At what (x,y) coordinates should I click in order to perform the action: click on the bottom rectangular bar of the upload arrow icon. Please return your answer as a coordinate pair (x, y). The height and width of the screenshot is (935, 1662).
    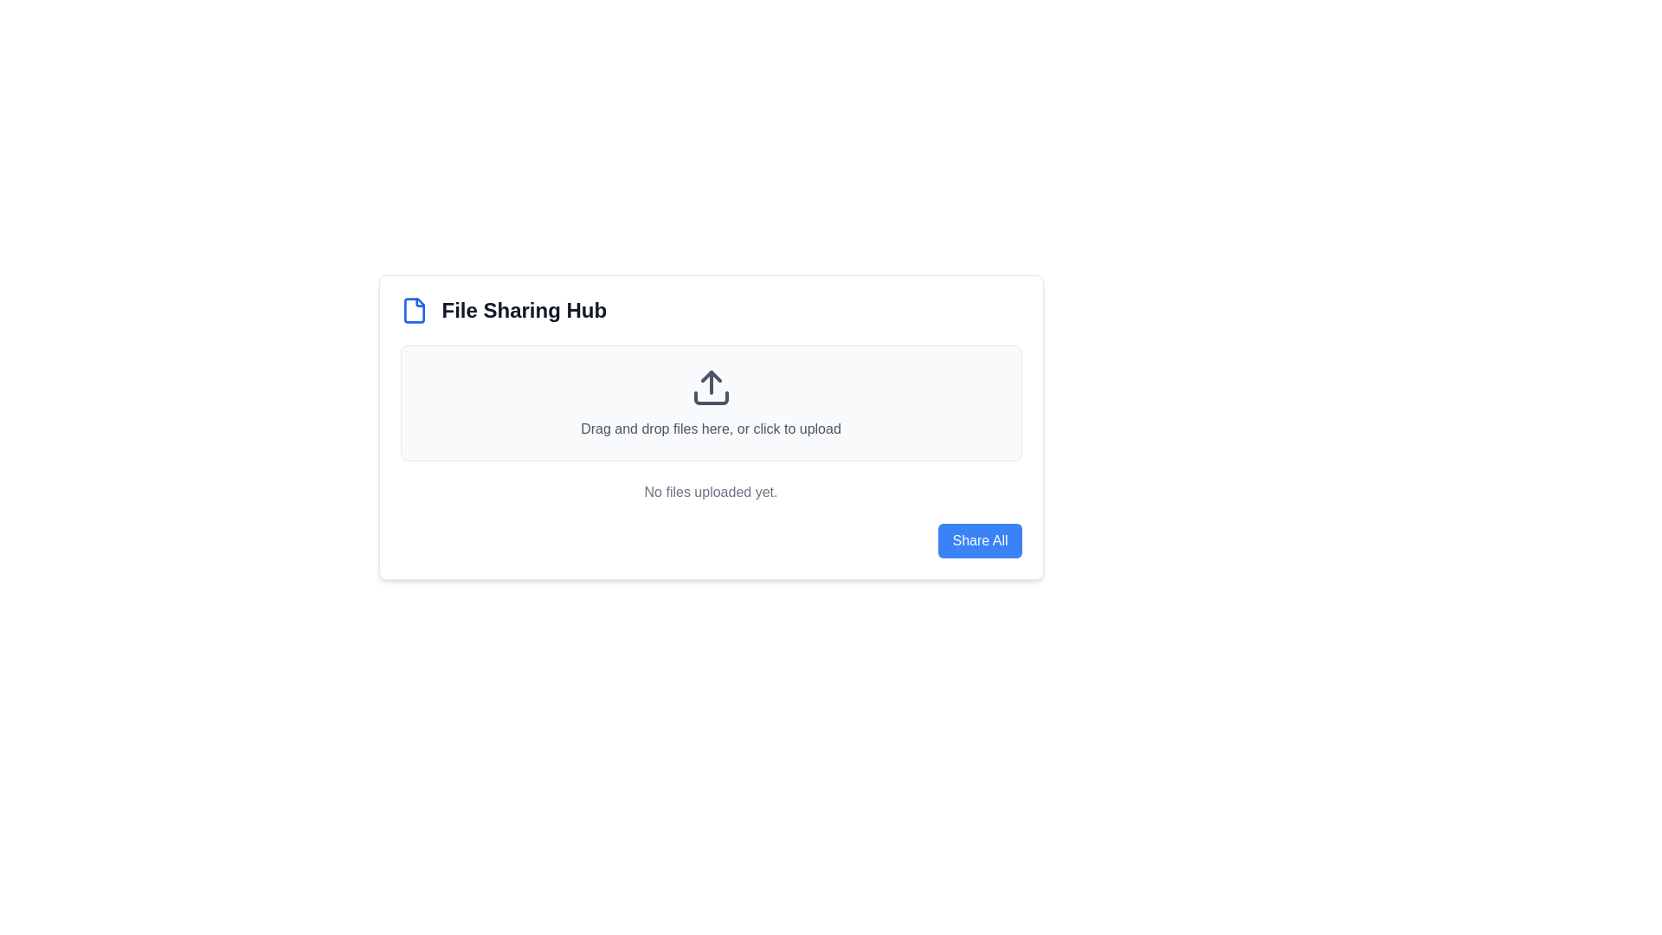
    Looking at the image, I should click on (711, 397).